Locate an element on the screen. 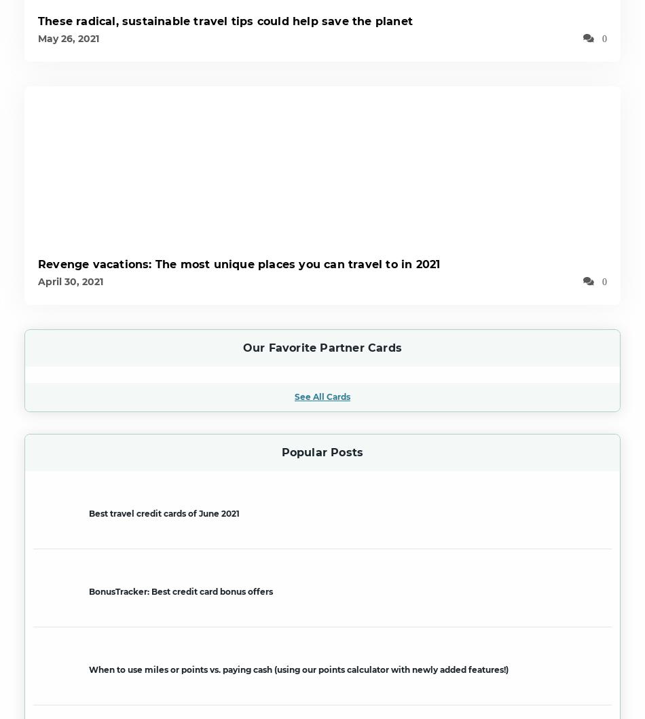 This screenshot has width=645, height=719. 'April 30, 2021' is located at coordinates (71, 280).